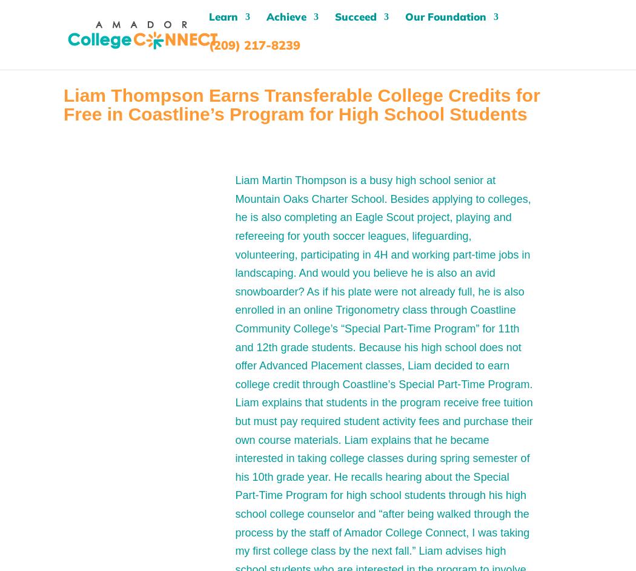  What do you see at coordinates (349, 168) in the screenshot?
I see `'► Peer Mentoring'` at bounding box center [349, 168].